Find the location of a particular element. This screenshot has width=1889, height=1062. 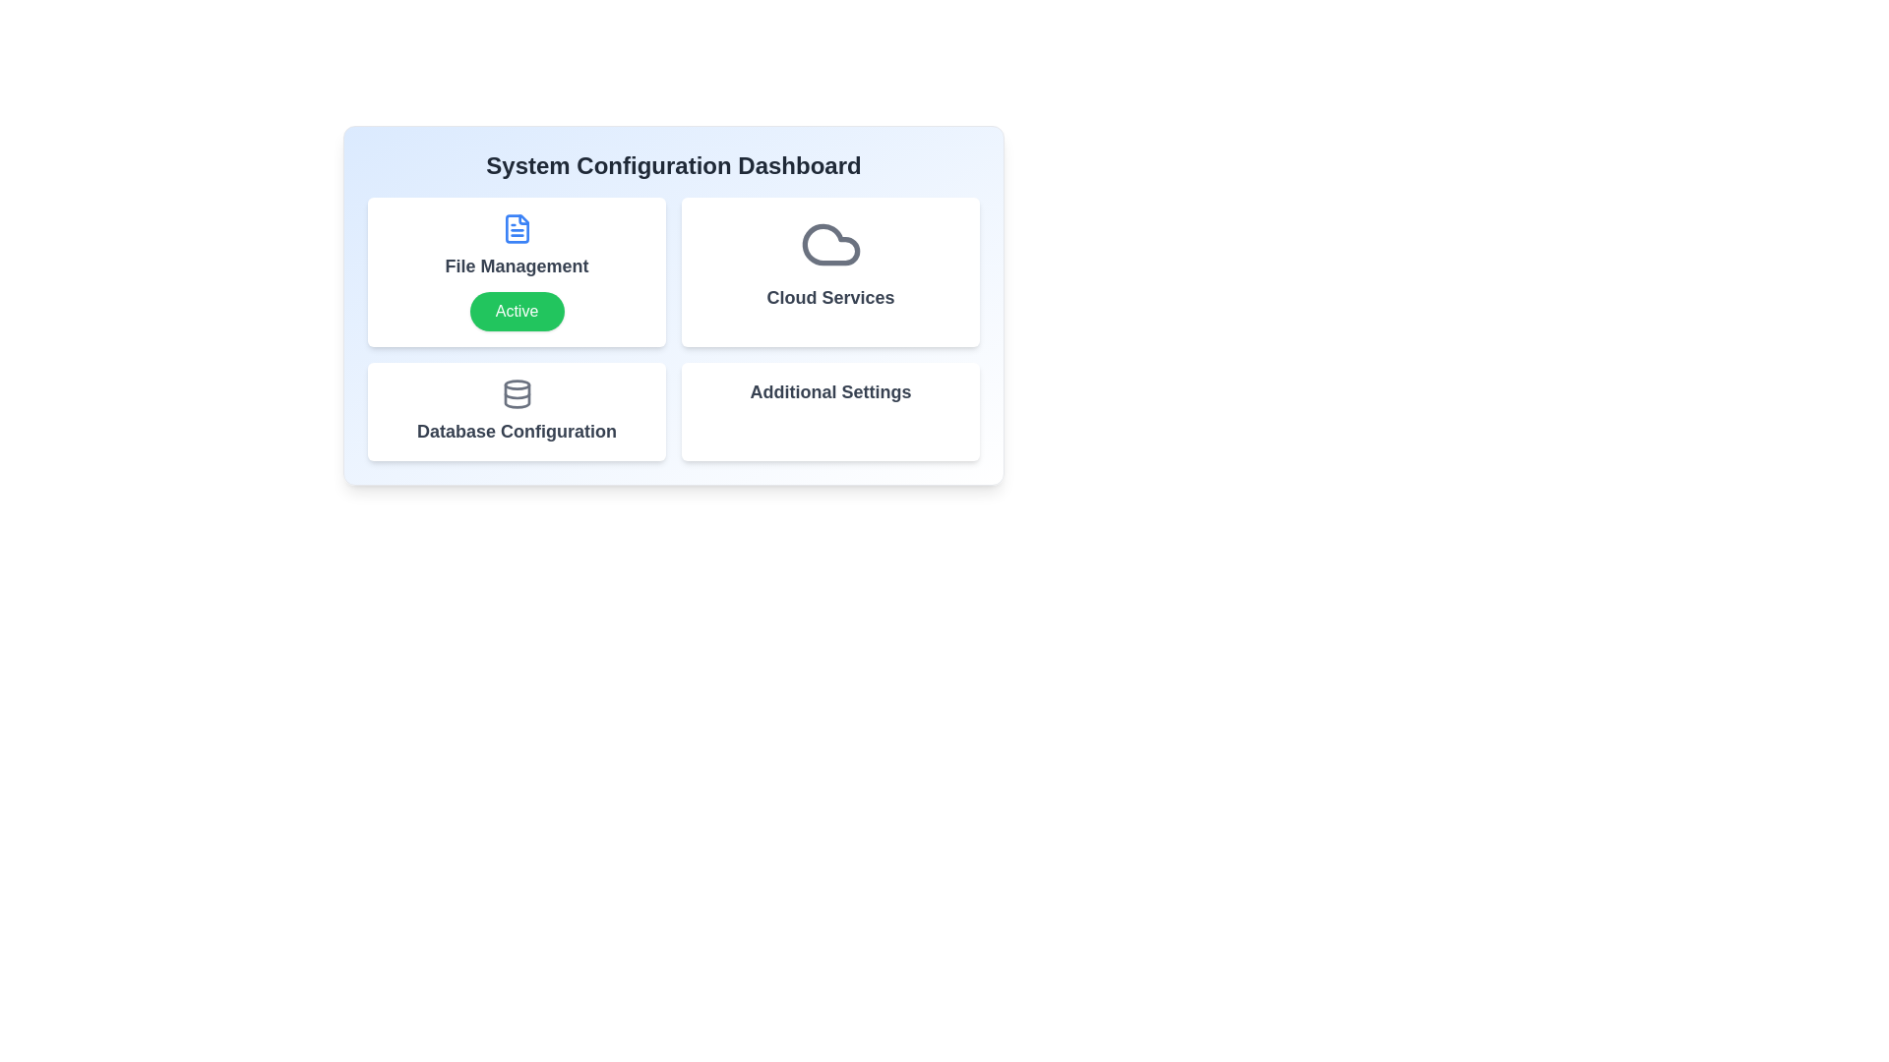

the Card Component that features a blue file icon, bold 'File Management' text, and a green 'Active' button, located in the top-left segment of the grid is located at coordinates (517, 272).